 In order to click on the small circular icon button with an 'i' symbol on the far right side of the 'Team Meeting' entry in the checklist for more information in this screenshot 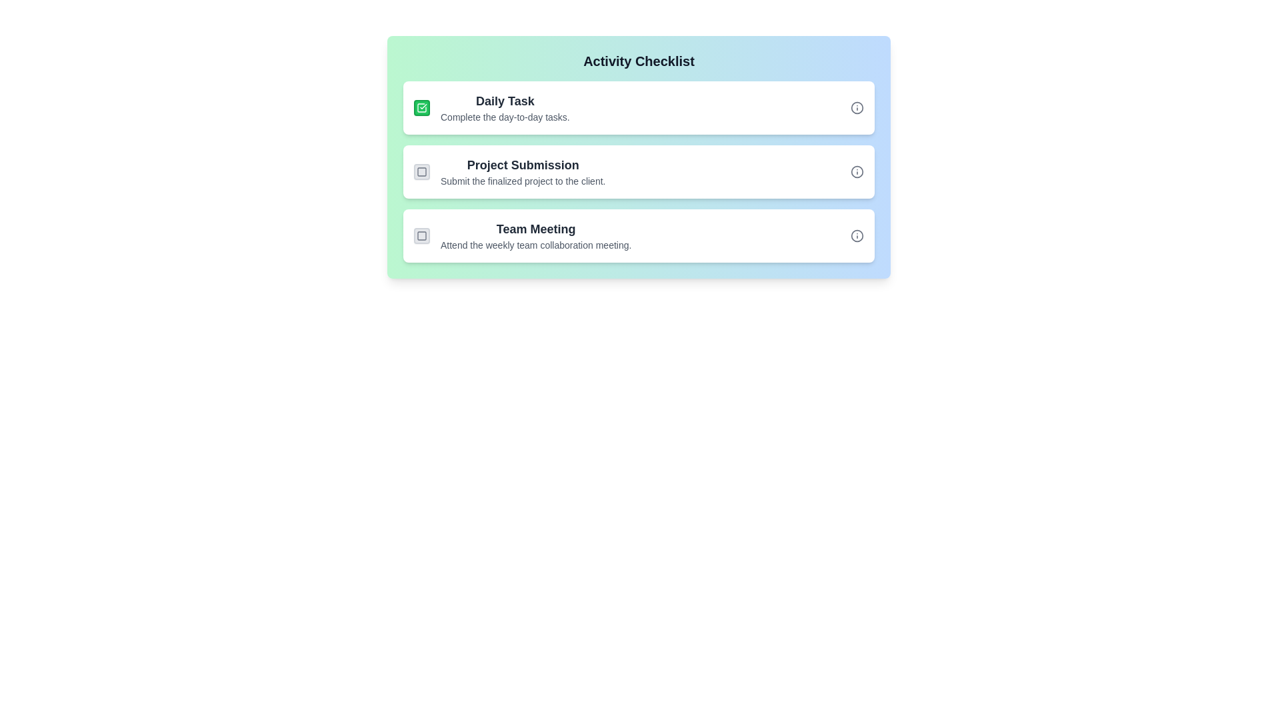, I will do `click(857, 235)`.